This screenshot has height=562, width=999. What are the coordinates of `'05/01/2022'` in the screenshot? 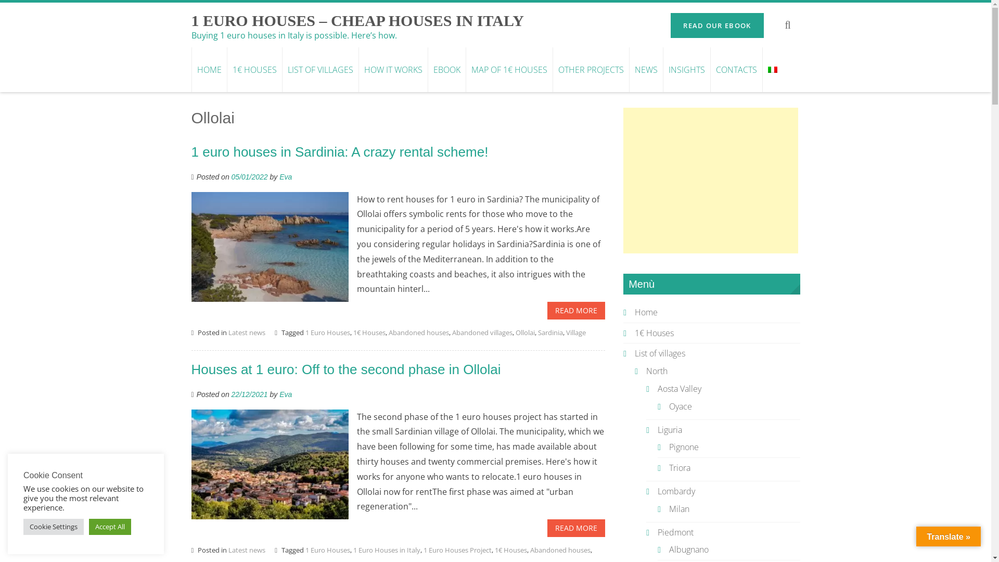 It's located at (250, 176).